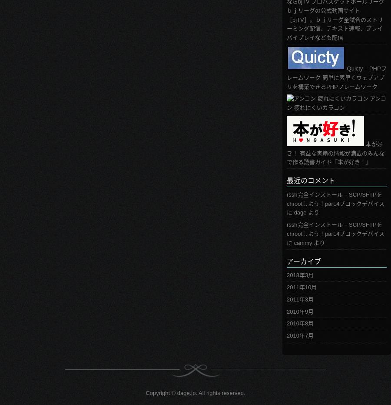  I want to click on 'Quicty – PHPフレームワーク', so click(336, 72).